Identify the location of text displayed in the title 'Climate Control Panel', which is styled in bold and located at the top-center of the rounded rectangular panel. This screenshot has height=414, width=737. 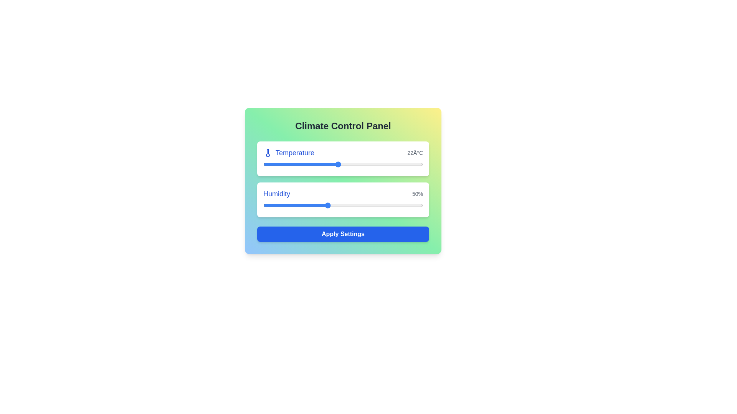
(342, 125).